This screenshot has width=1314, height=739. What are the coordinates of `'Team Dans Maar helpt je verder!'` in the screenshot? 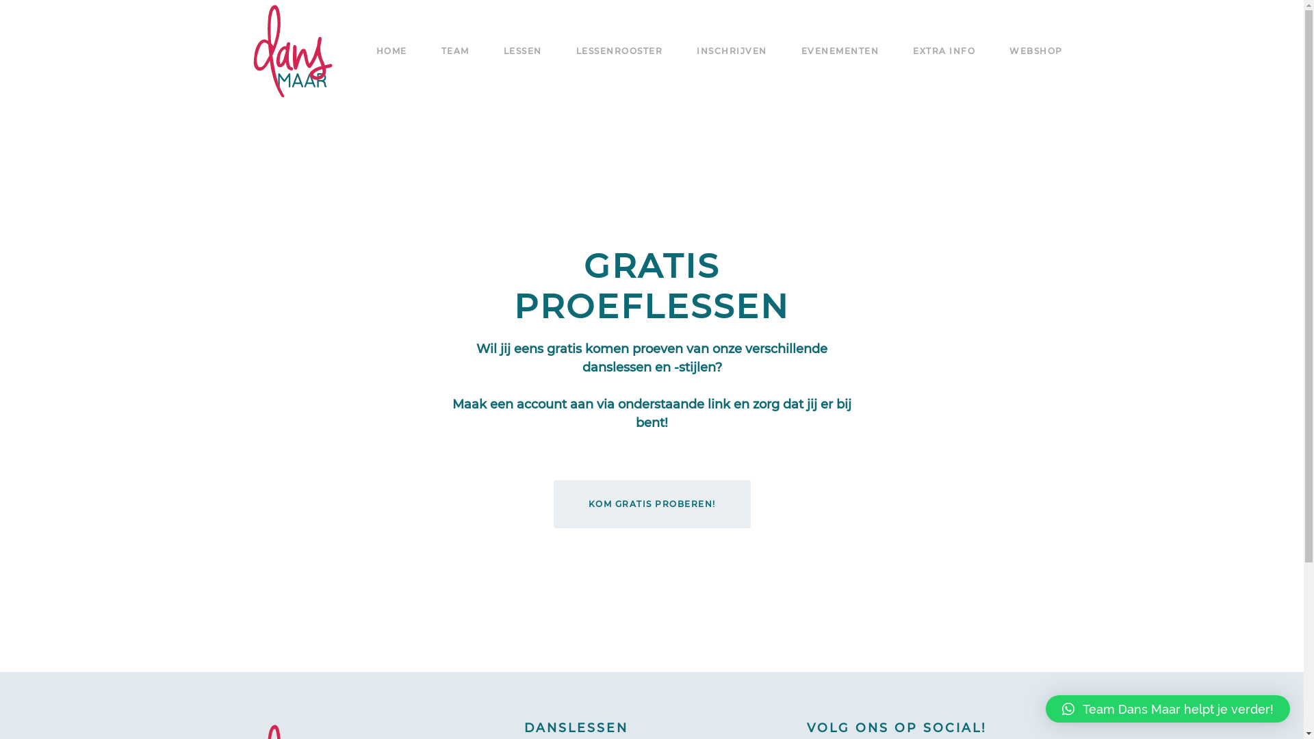 It's located at (1167, 708).